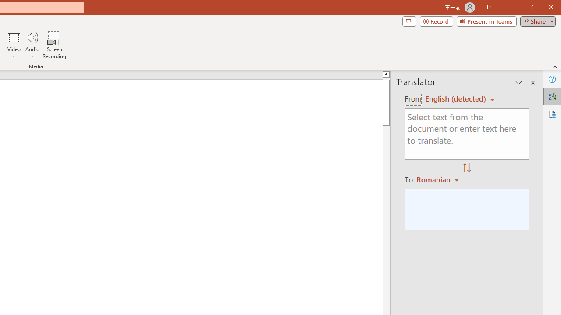 This screenshot has width=561, height=315. I want to click on 'Romanian', so click(439, 179).